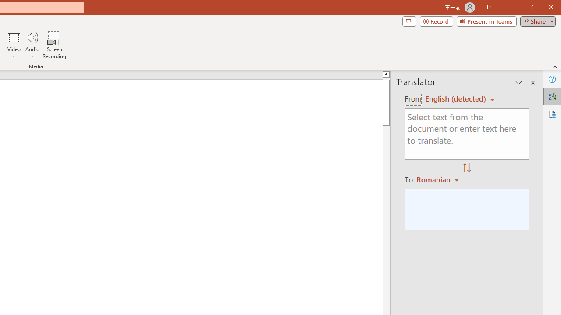 This screenshot has width=561, height=315. I want to click on 'Romanian', so click(439, 179).